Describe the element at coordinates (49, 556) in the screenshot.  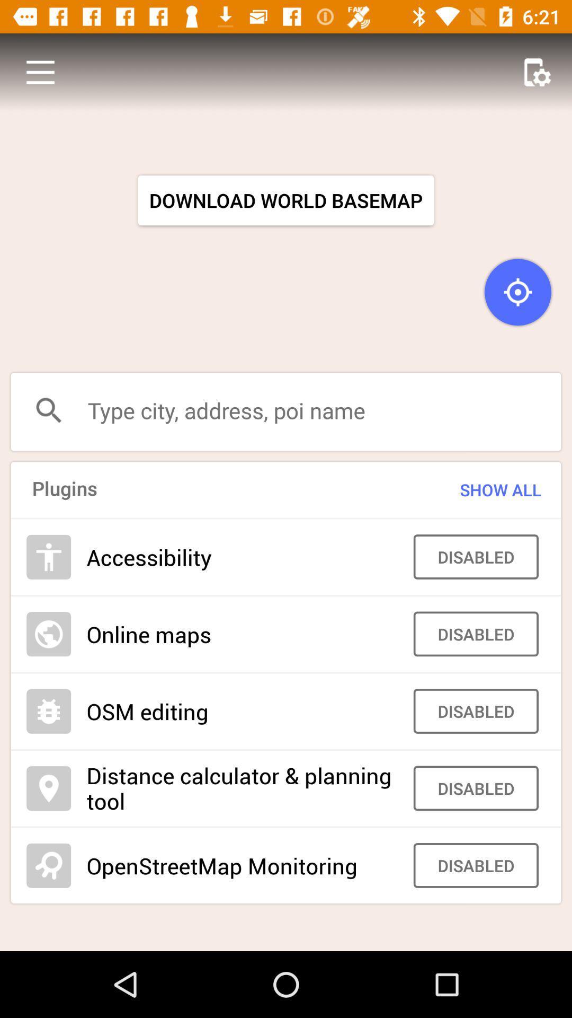
I see `the add icon` at that location.